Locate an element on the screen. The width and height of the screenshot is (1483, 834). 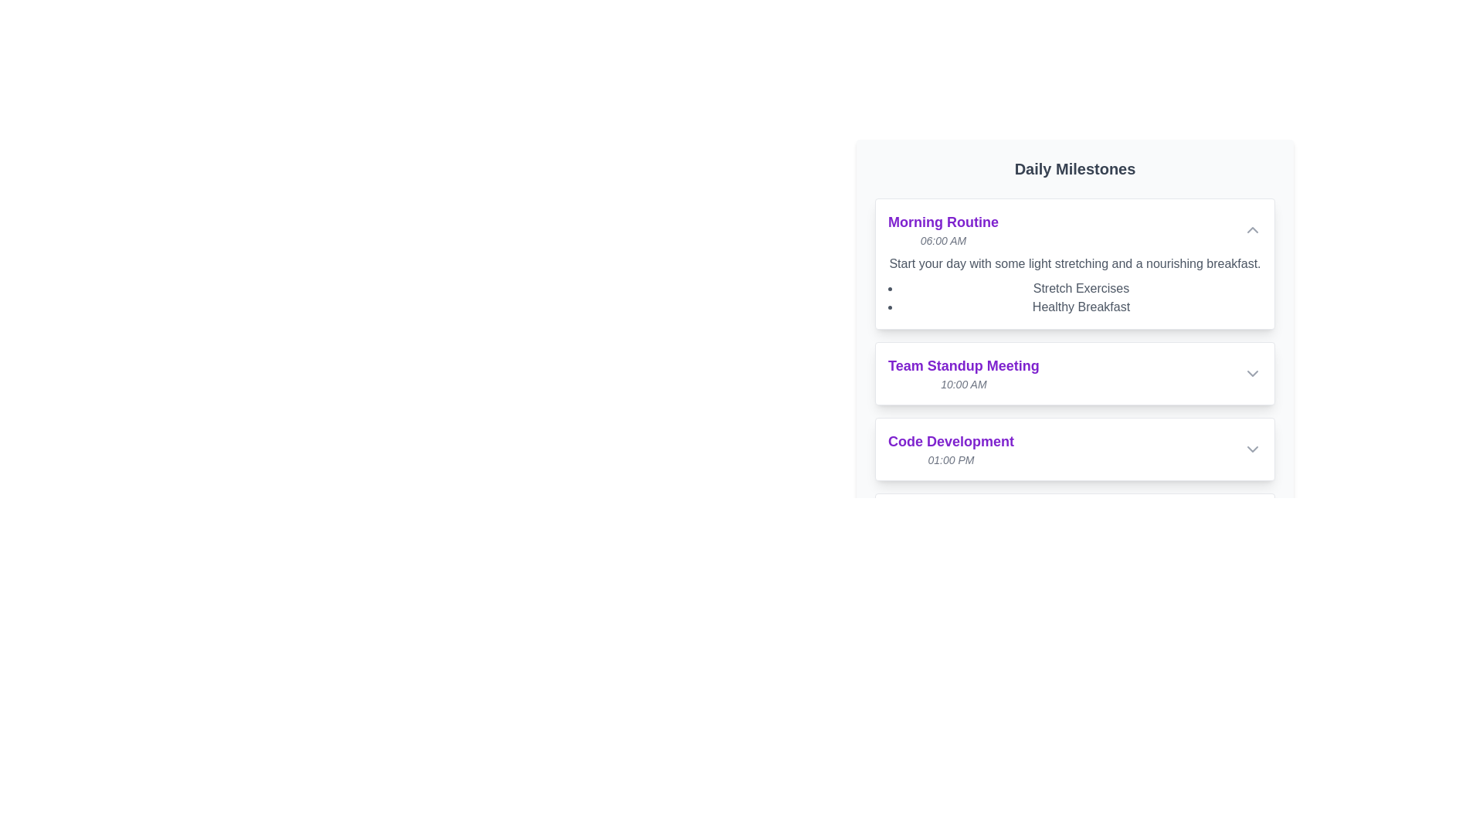
the list item containing 'Stretch Exercises' and 'Healthy Breakfast' in the 'Morning Routine' section, which is located under the description 'Start your day with some light stretching and a nourishing breakfast.' is located at coordinates (1074, 297).